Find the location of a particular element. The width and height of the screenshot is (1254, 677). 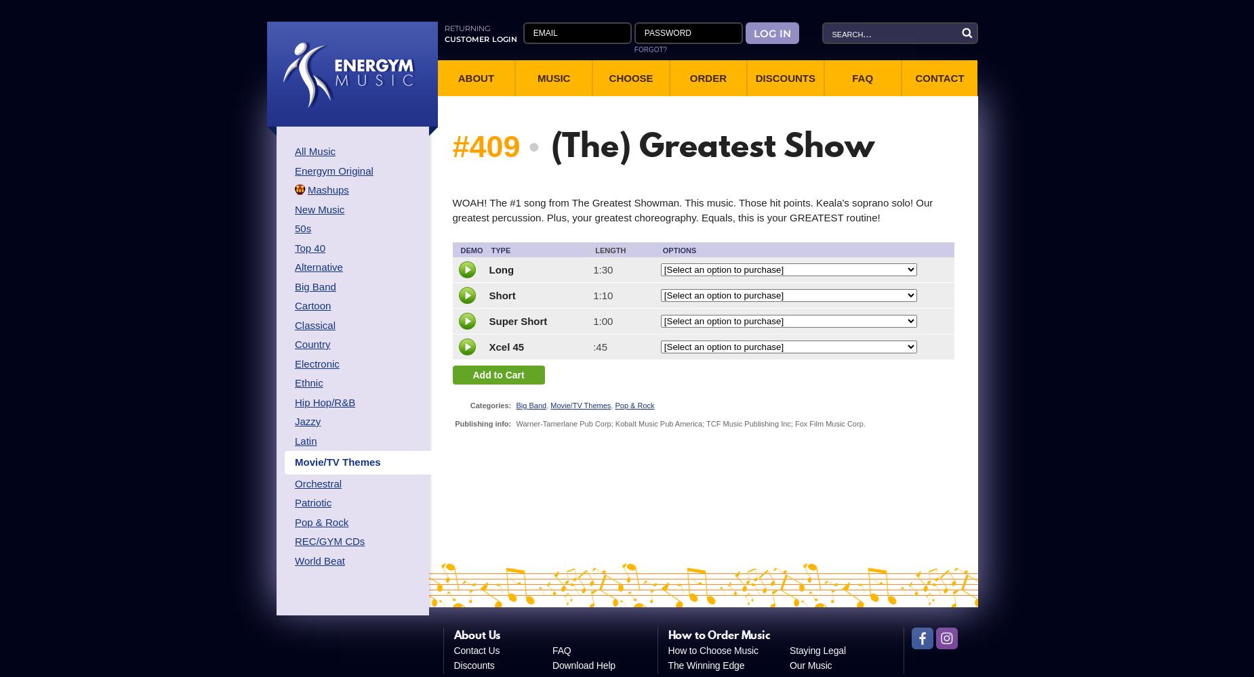

'50s' is located at coordinates (302, 227).